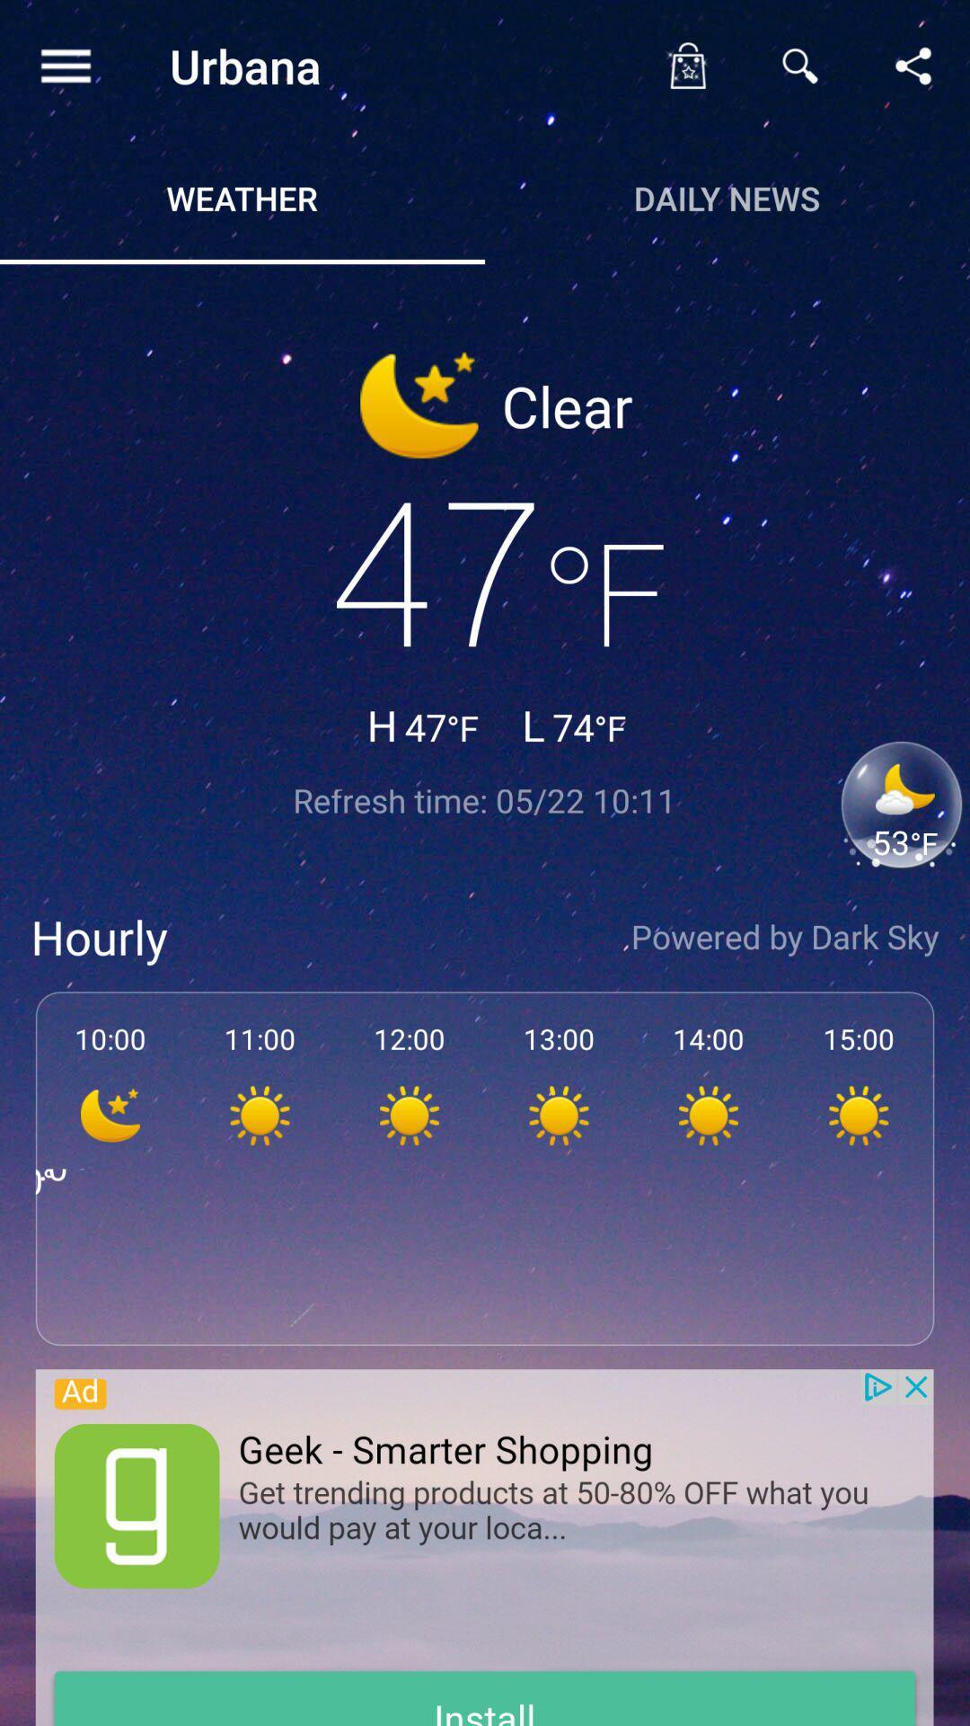  Describe the element at coordinates (686, 66) in the screenshot. I see `cart icon` at that location.